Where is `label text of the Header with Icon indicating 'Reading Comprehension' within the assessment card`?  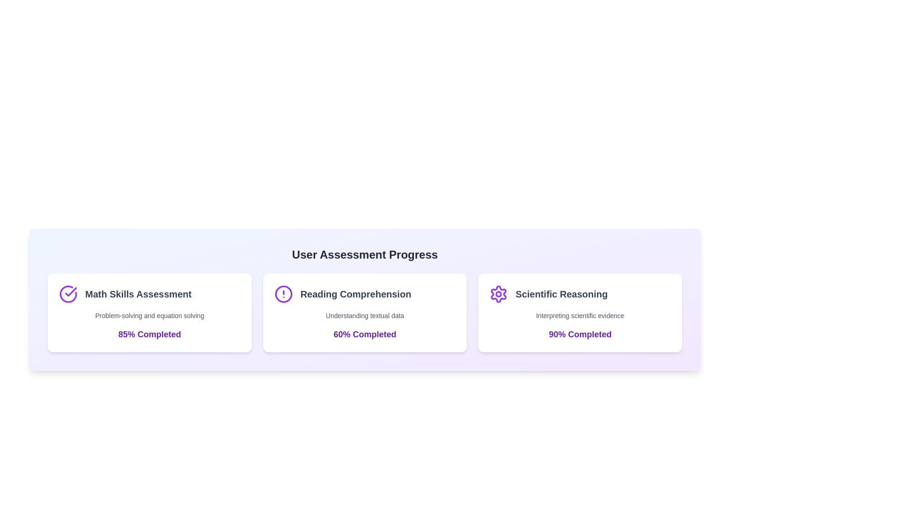 label text of the Header with Icon indicating 'Reading Comprehension' within the assessment card is located at coordinates (364, 294).